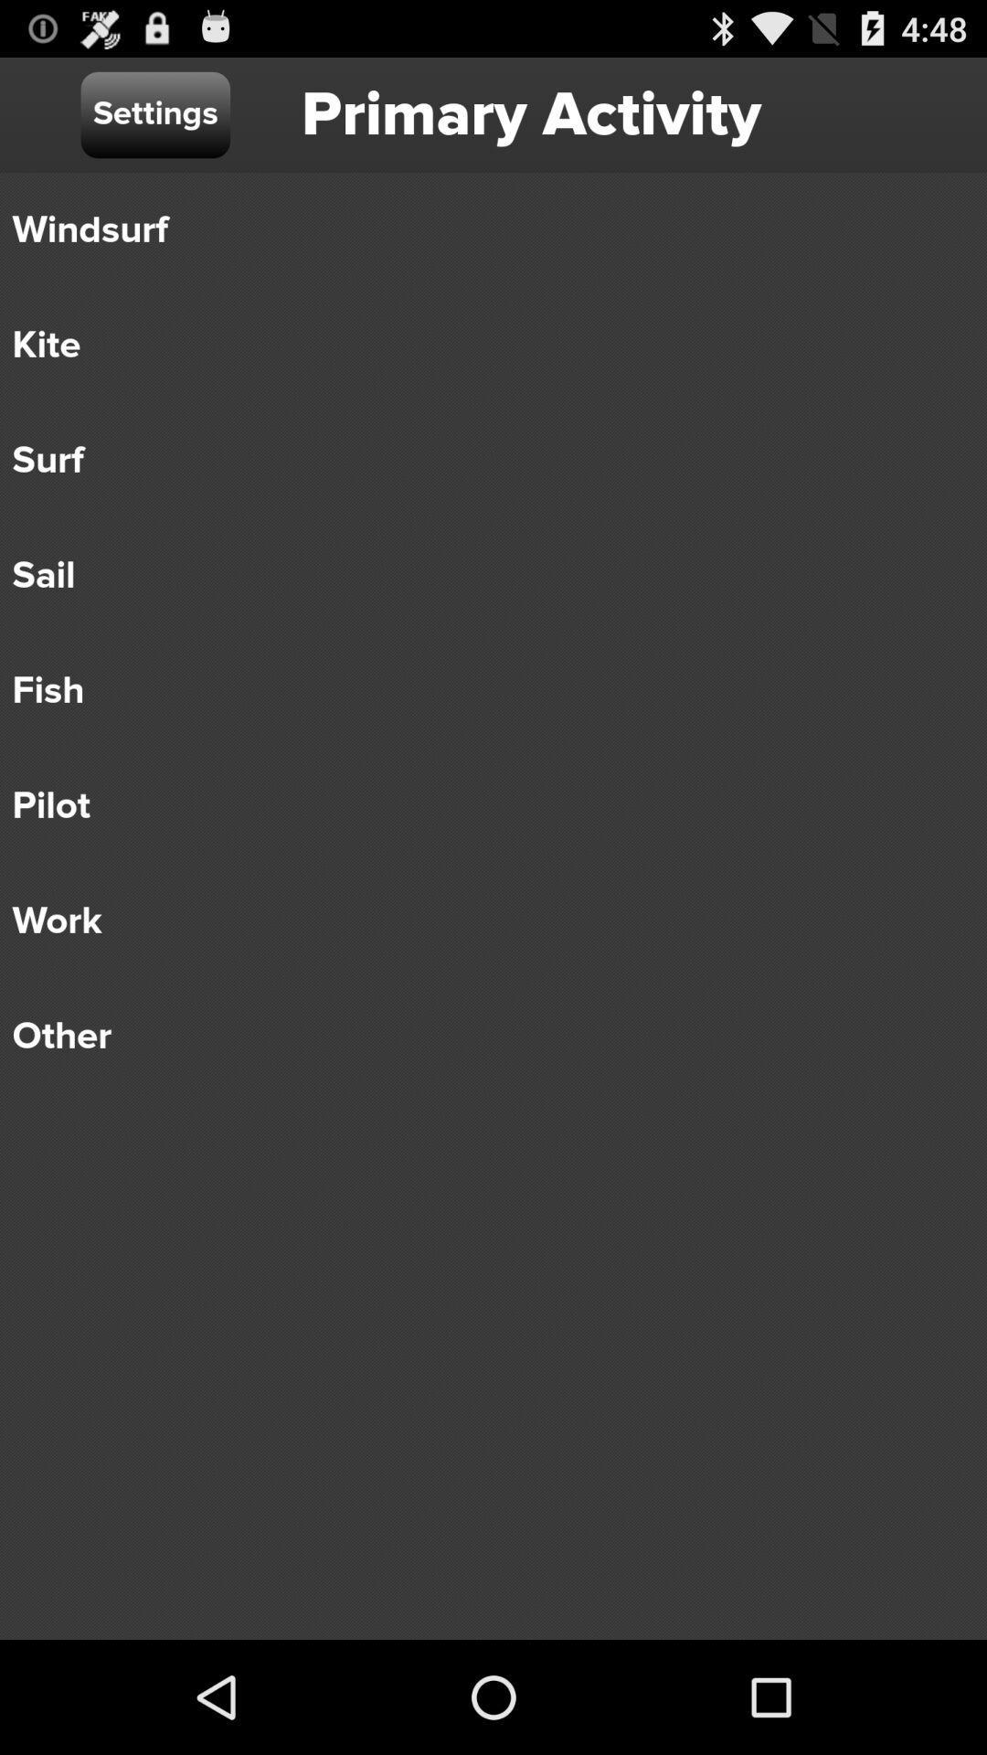  What do you see at coordinates (480, 574) in the screenshot?
I see `the item below surf icon` at bounding box center [480, 574].